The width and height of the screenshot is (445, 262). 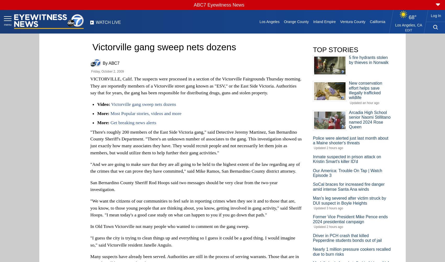 What do you see at coordinates (97, 104) in the screenshot?
I see `'Video:'` at bounding box center [97, 104].